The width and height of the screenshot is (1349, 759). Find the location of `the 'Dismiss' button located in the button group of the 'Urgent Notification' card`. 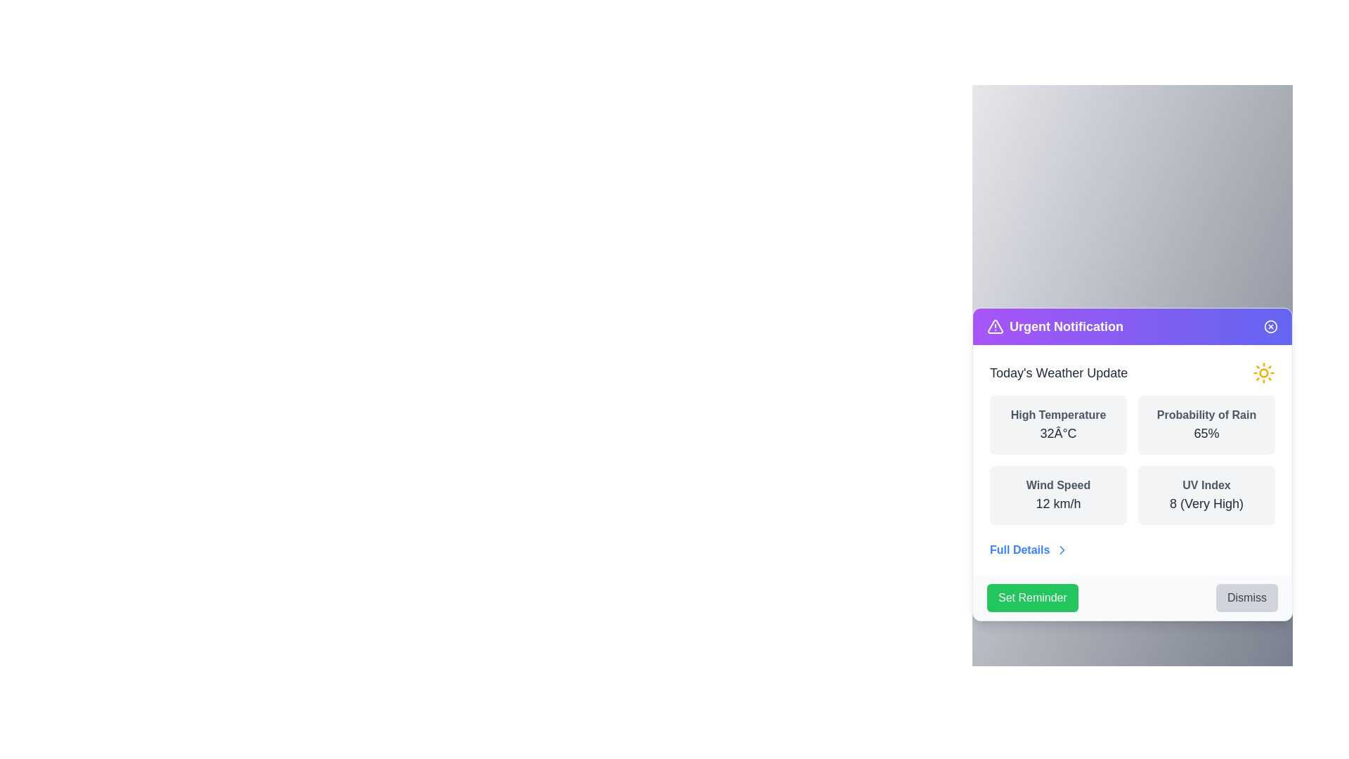

the 'Dismiss' button located in the button group of the 'Urgent Notification' card is located at coordinates (1133, 598).